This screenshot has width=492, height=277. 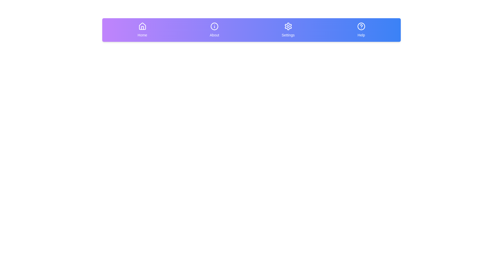 What do you see at coordinates (288, 30) in the screenshot?
I see `the settings navigation button located third from the left in the horizontal navigation bar` at bounding box center [288, 30].